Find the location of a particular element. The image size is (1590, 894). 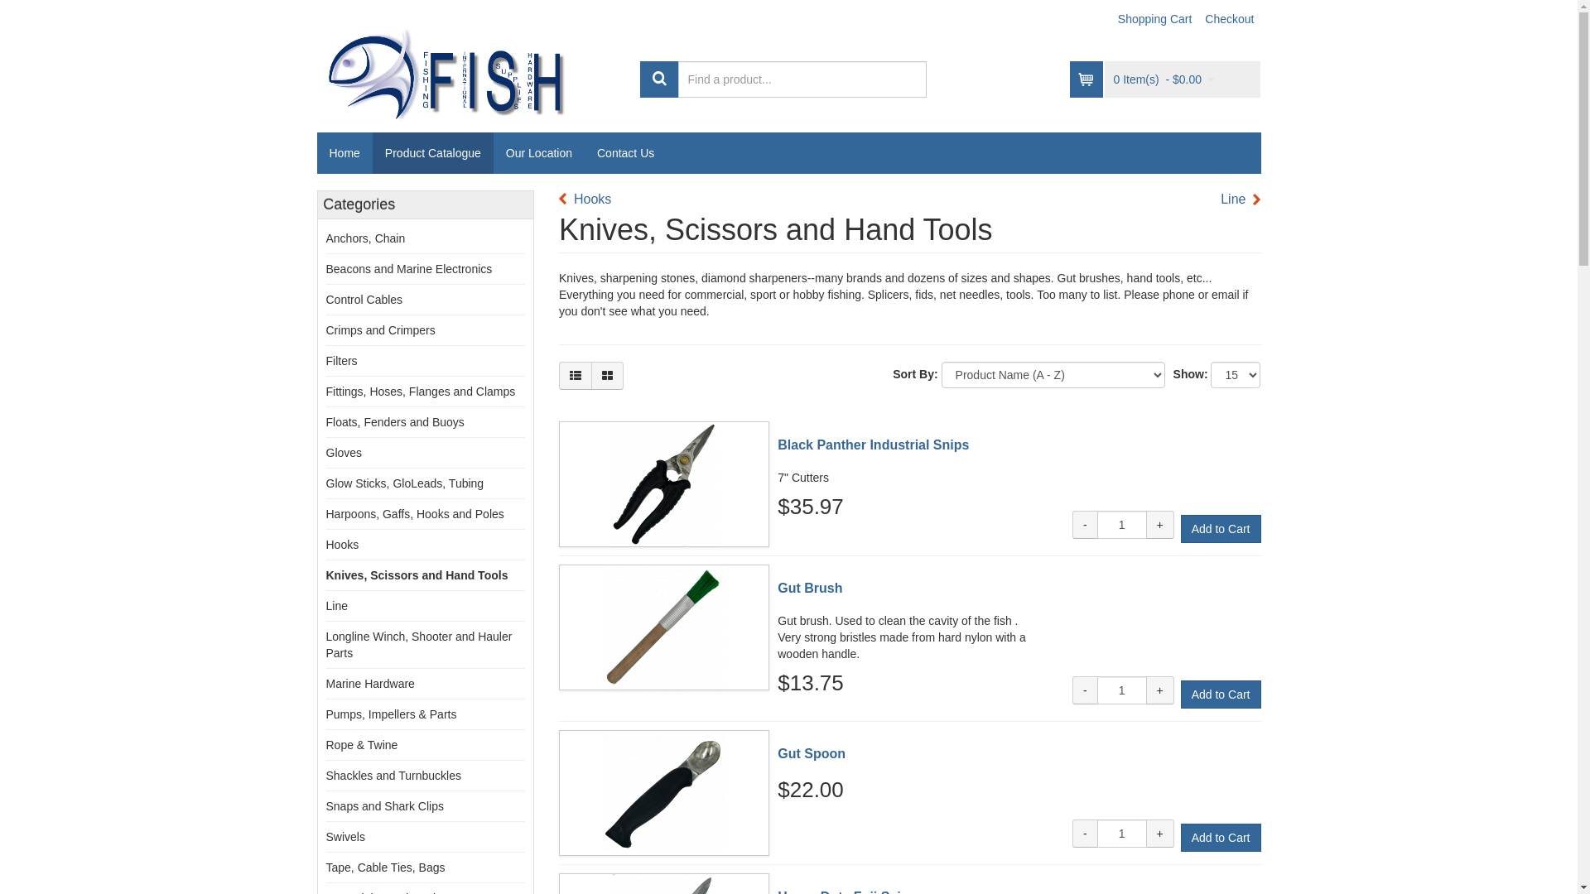

'Add to Cart' is located at coordinates (1221, 837).